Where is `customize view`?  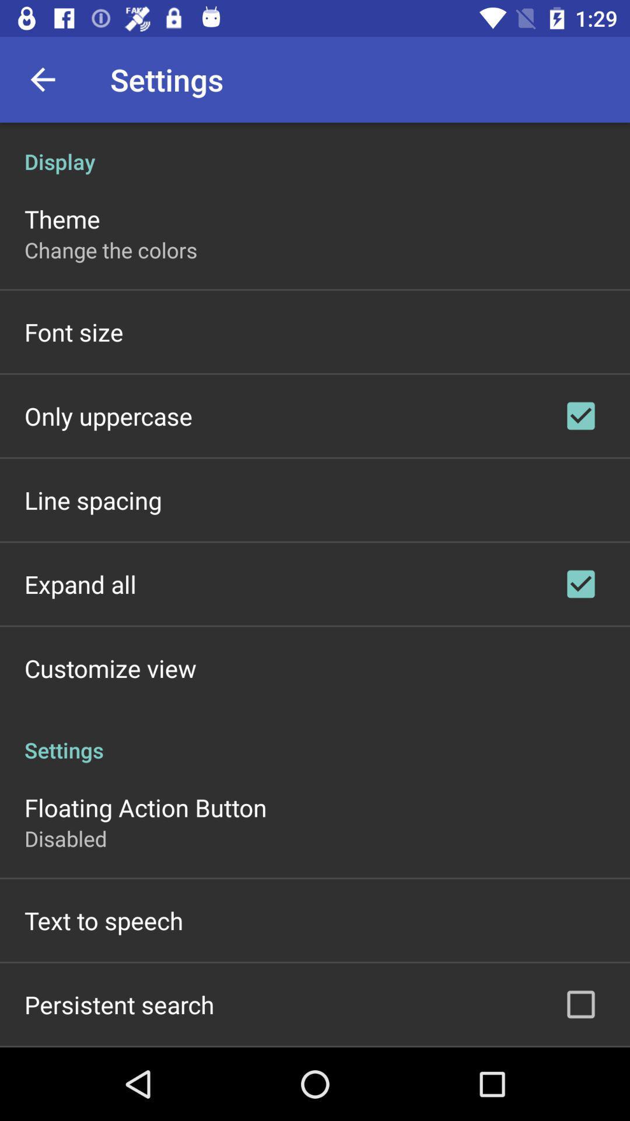
customize view is located at coordinates (110, 668).